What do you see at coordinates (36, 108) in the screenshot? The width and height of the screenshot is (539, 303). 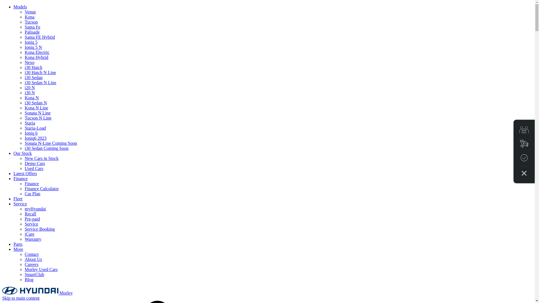 I see `'Kona N Line'` at bounding box center [36, 108].